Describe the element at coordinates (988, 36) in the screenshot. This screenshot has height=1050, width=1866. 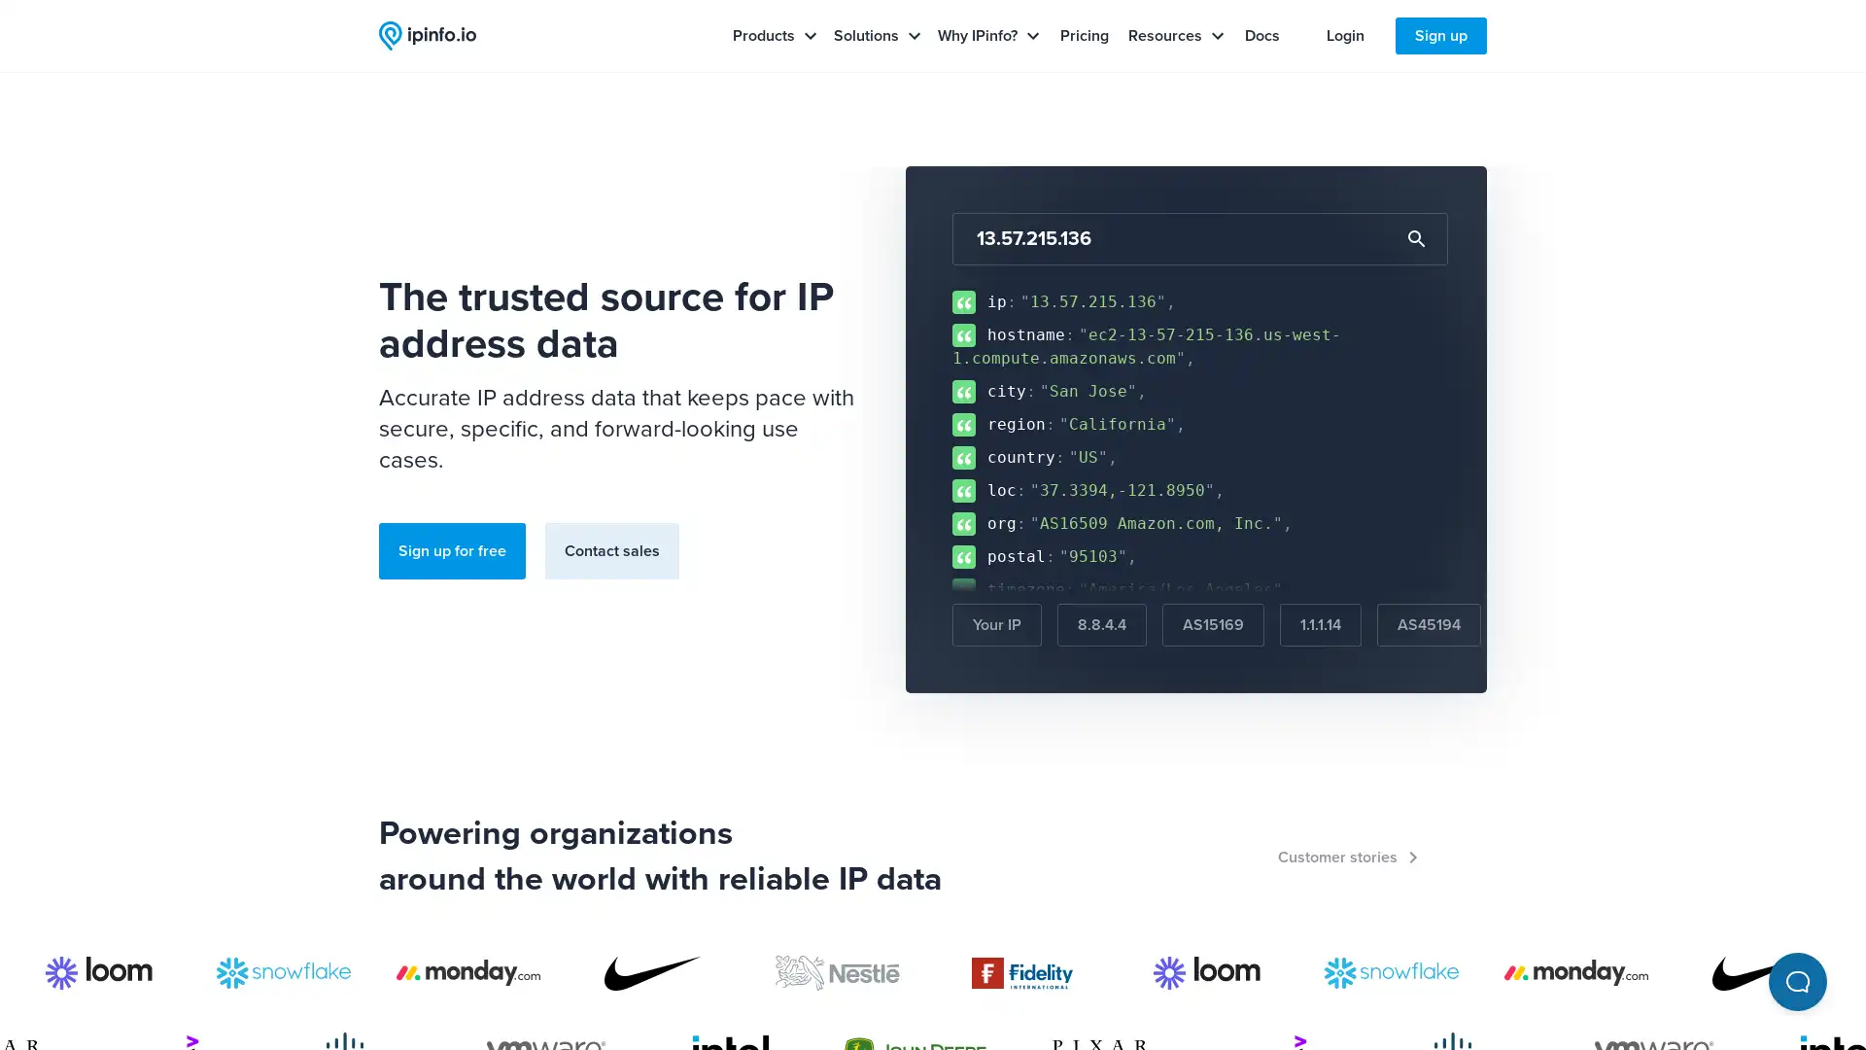
I see `Why IPinfo?` at that location.